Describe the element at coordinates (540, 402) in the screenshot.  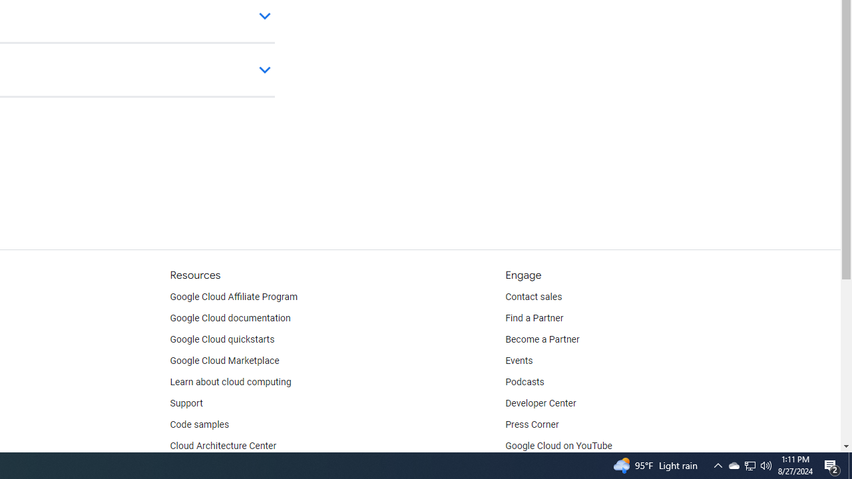
I see `'Developer Center'` at that location.